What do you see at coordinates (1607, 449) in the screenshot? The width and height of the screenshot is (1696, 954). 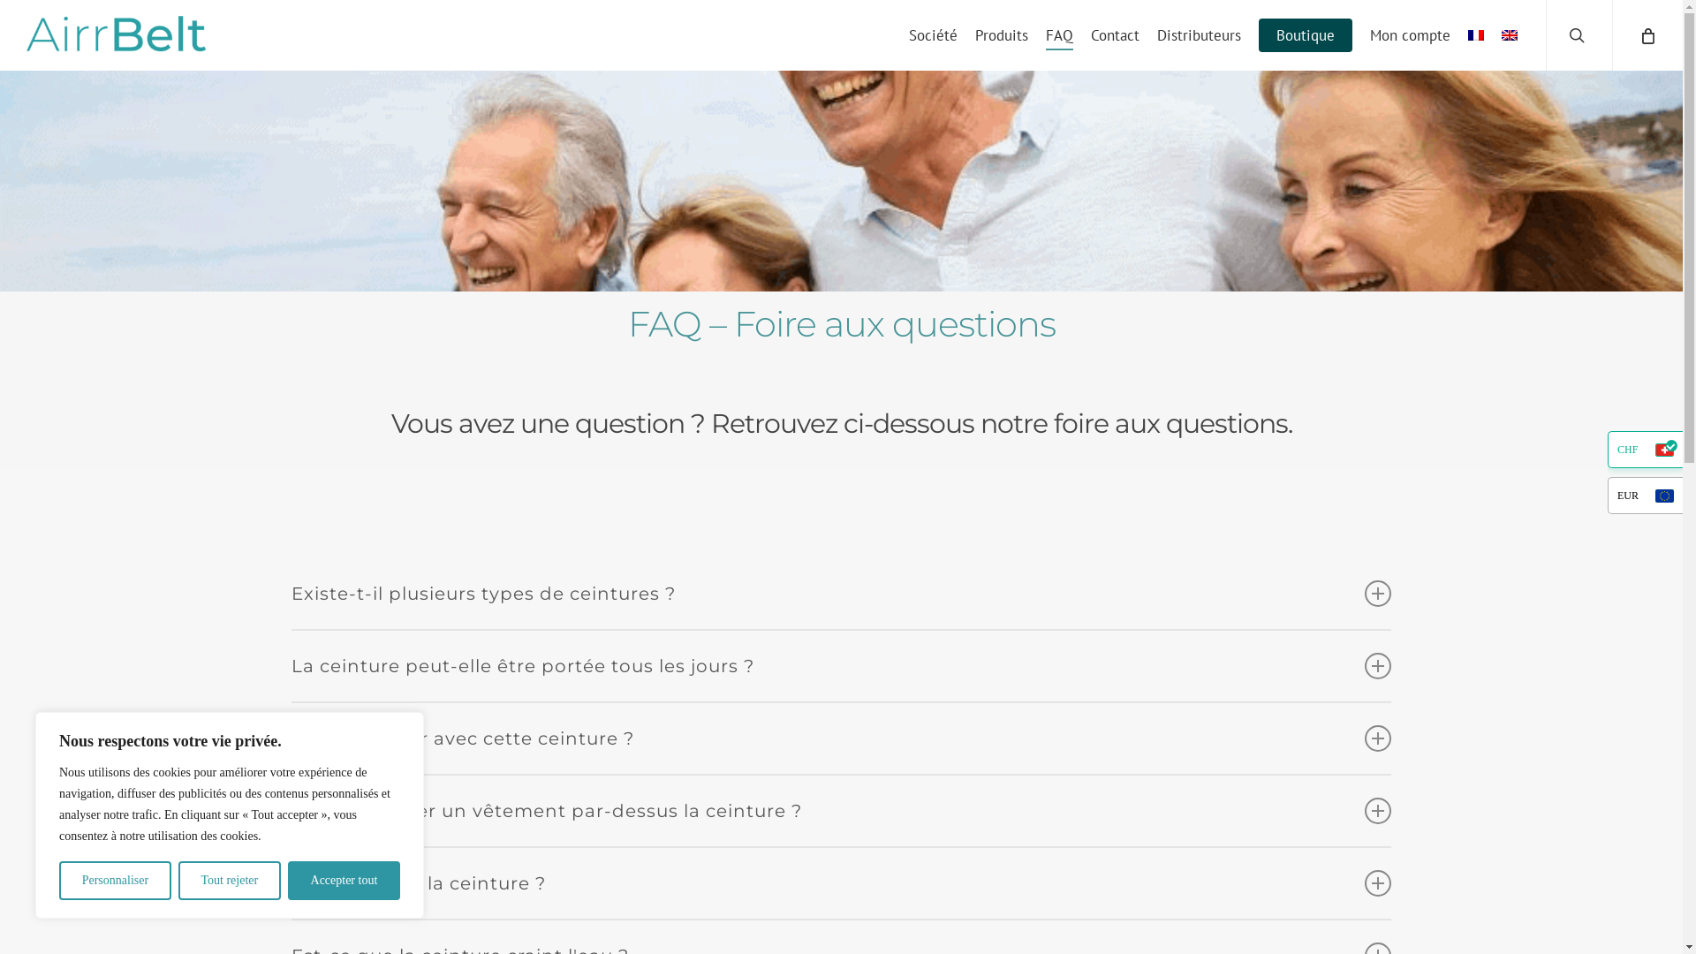 I see `'CHF'` at bounding box center [1607, 449].